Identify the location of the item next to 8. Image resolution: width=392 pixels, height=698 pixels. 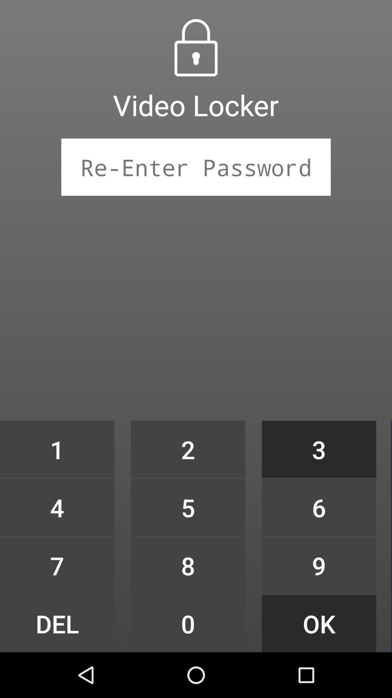
(319, 623).